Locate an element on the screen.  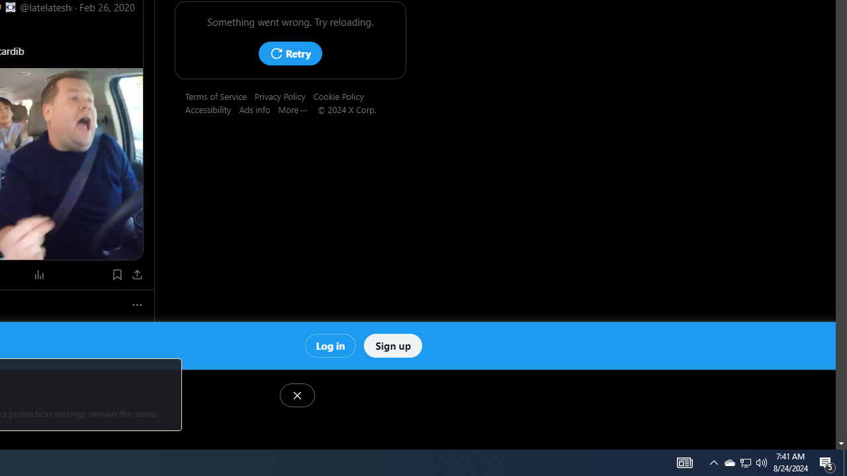
'More' is located at coordinates (297, 108).